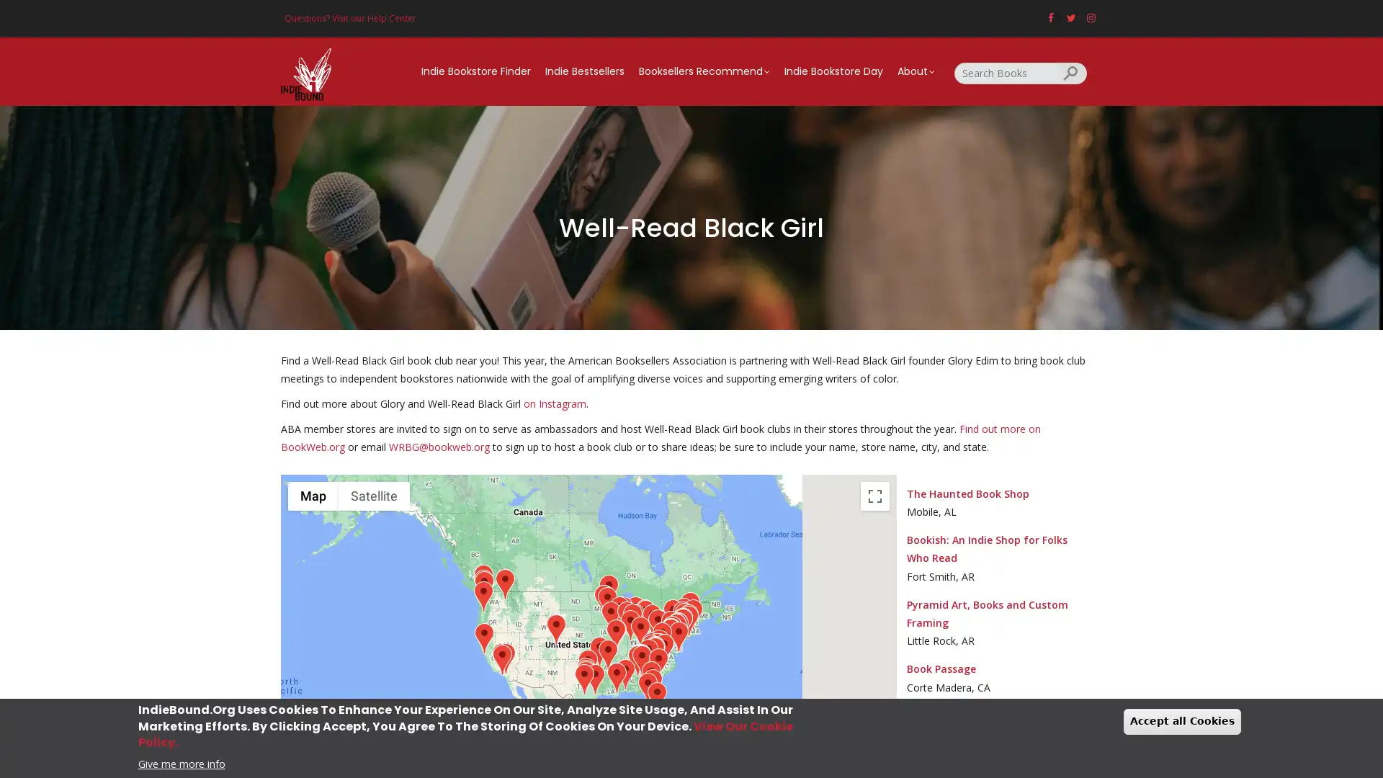  Describe the element at coordinates (640, 659) in the screenshot. I see `Early Literacy Development Agency (ELDA)` at that location.